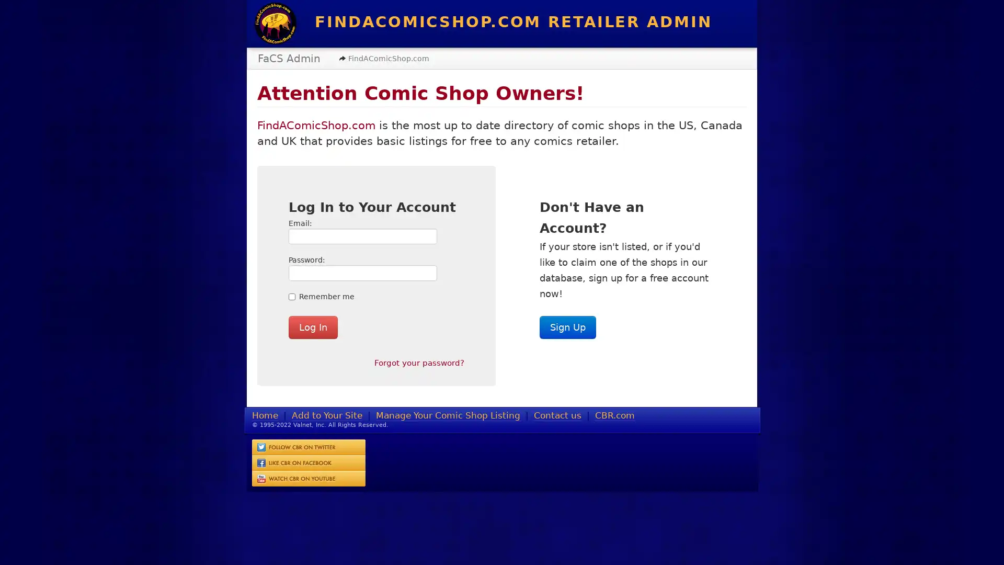 The width and height of the screenshot is (1004, 565). I want to click on Log In, so click(313, 326).